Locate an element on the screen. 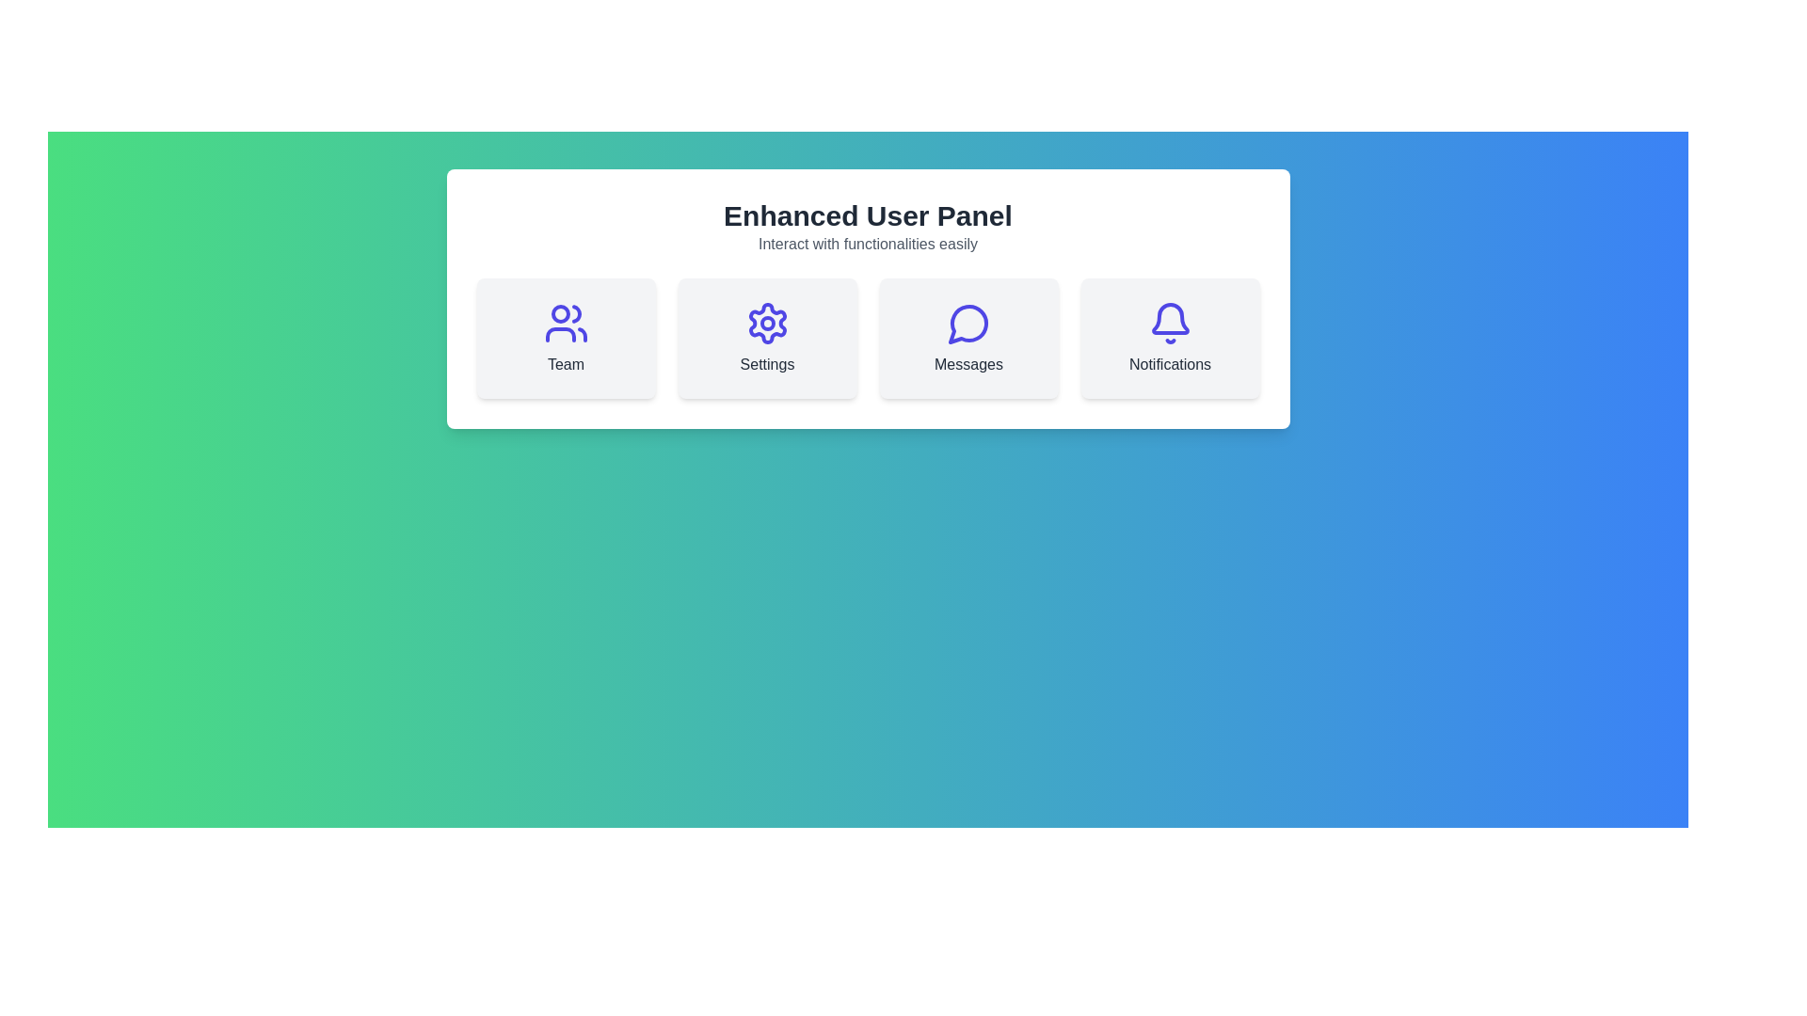  the 'Settings' icon located in the second card from the left within a horizontal arrangement of four cards, which is placed centrally in a white panel against a gradient background is located at coordinates (767, 322).